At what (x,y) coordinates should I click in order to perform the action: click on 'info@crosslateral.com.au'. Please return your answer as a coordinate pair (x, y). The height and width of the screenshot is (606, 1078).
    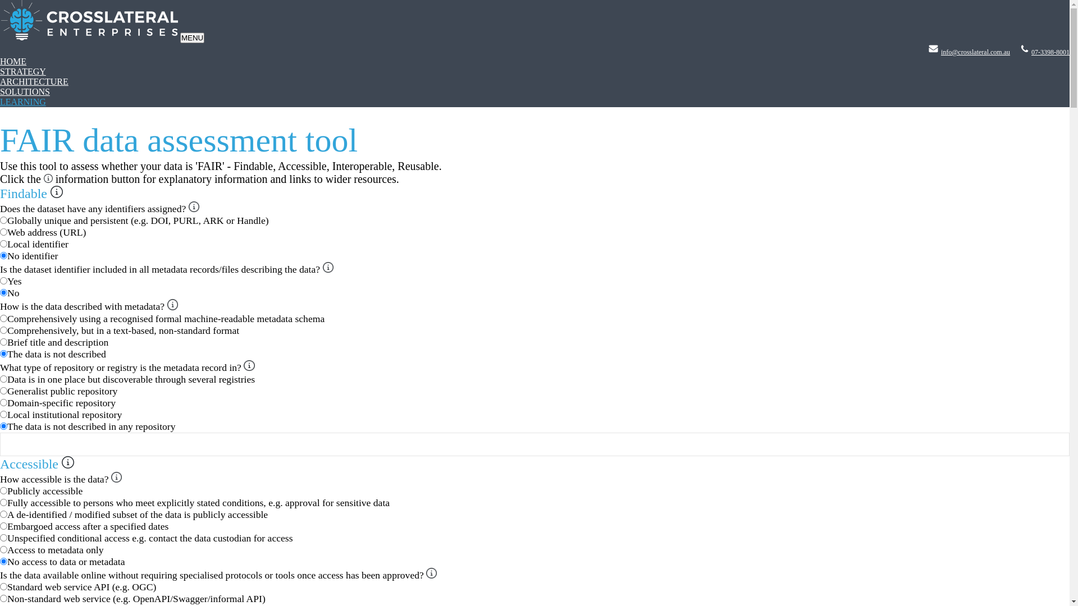
    Looking at the image, I should click on (975, 52).